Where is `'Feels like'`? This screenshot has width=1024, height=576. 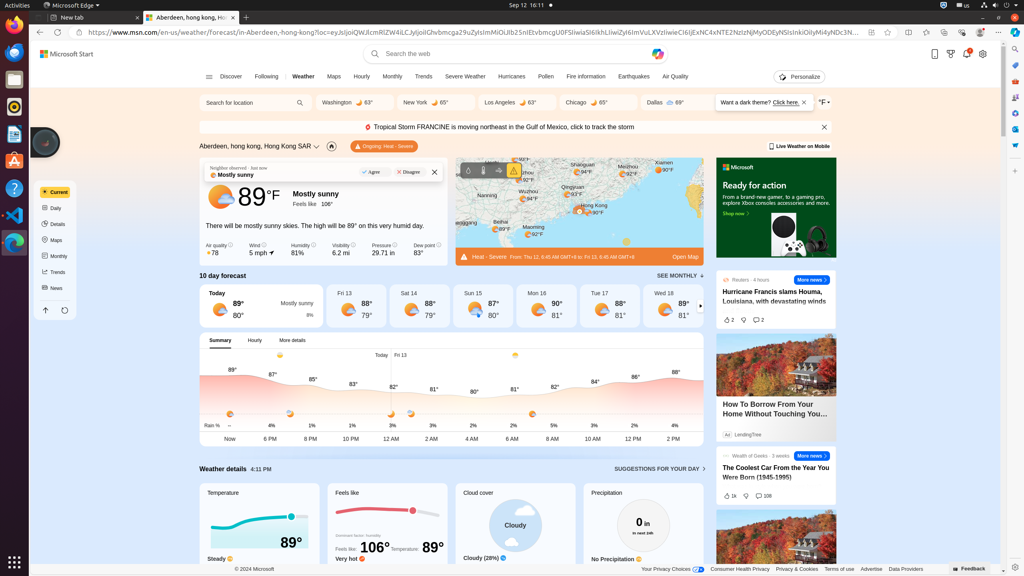
'Feels like' is located at coordinates (387, 533).